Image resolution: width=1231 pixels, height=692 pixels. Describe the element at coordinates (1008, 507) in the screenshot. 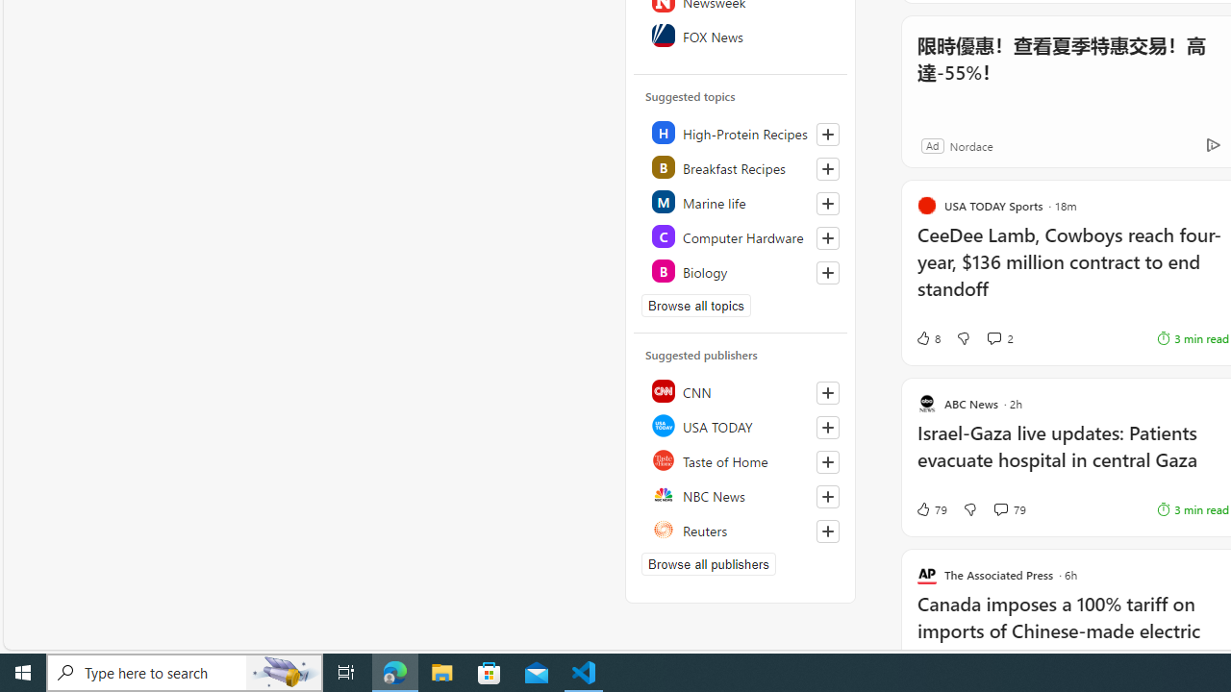

I see `'View comments 79 Comment'` at that location.